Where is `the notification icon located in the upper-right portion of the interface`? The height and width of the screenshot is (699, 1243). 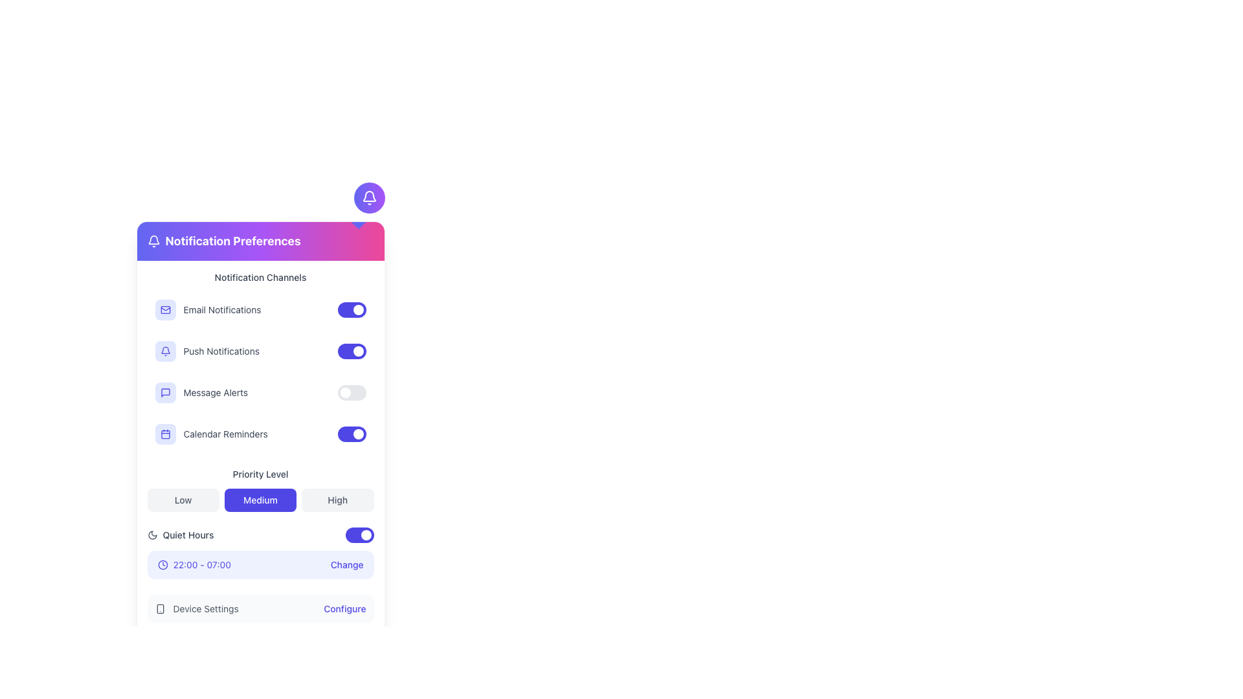 the notification icon located in the upper-right portion of the interface is located at coordinates (368, 197).